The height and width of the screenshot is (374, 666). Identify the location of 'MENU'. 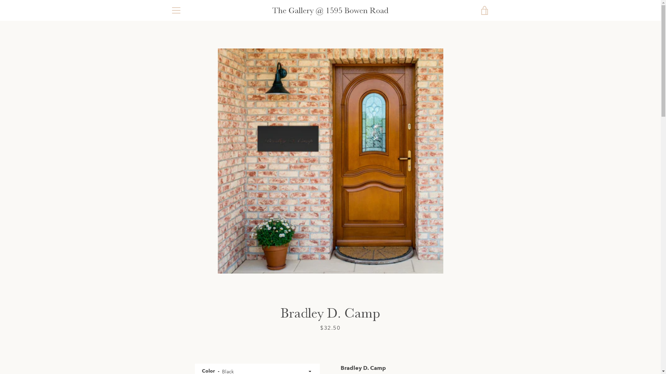
(176, 10).